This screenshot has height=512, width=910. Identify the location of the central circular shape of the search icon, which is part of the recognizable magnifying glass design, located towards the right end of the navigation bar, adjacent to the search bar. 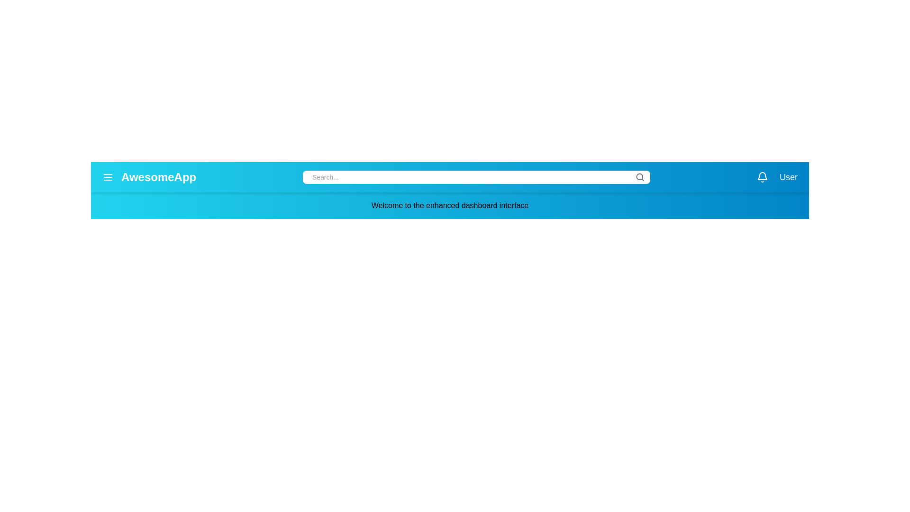
(639, 177).